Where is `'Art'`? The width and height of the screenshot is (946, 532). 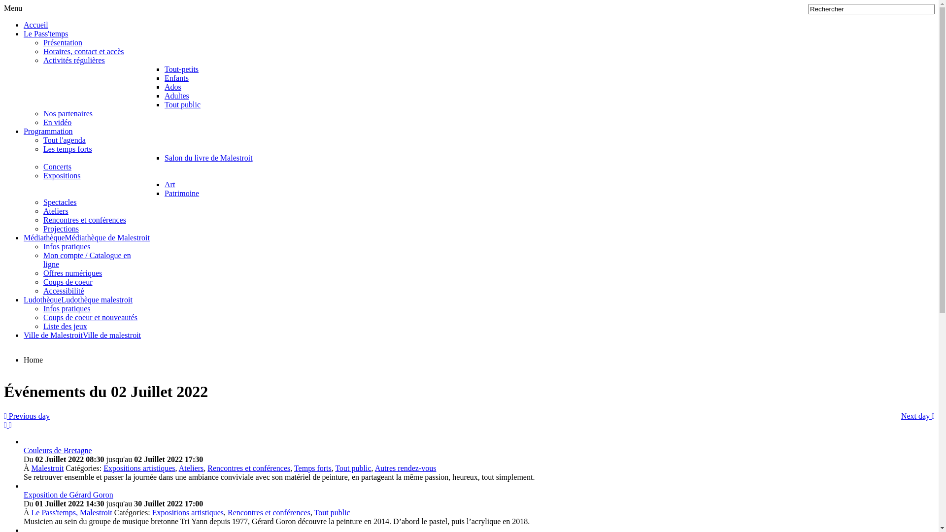
'Art' is located at coordinates (169, 184).